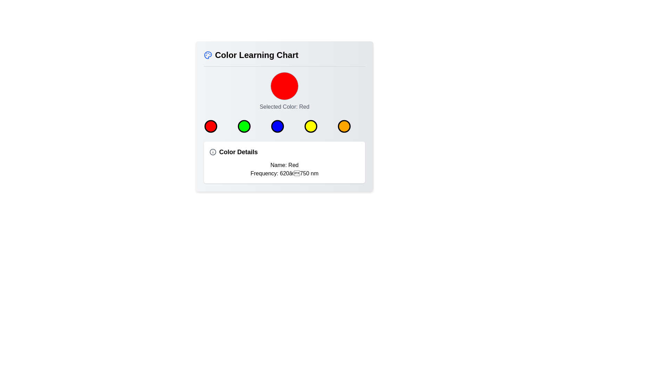 The image size is (667, 375). Describe the element at coordinates (210, 126) in the screenshot. I see `the first circular button with a red fill and black border to trigger the hover effect` at that location.